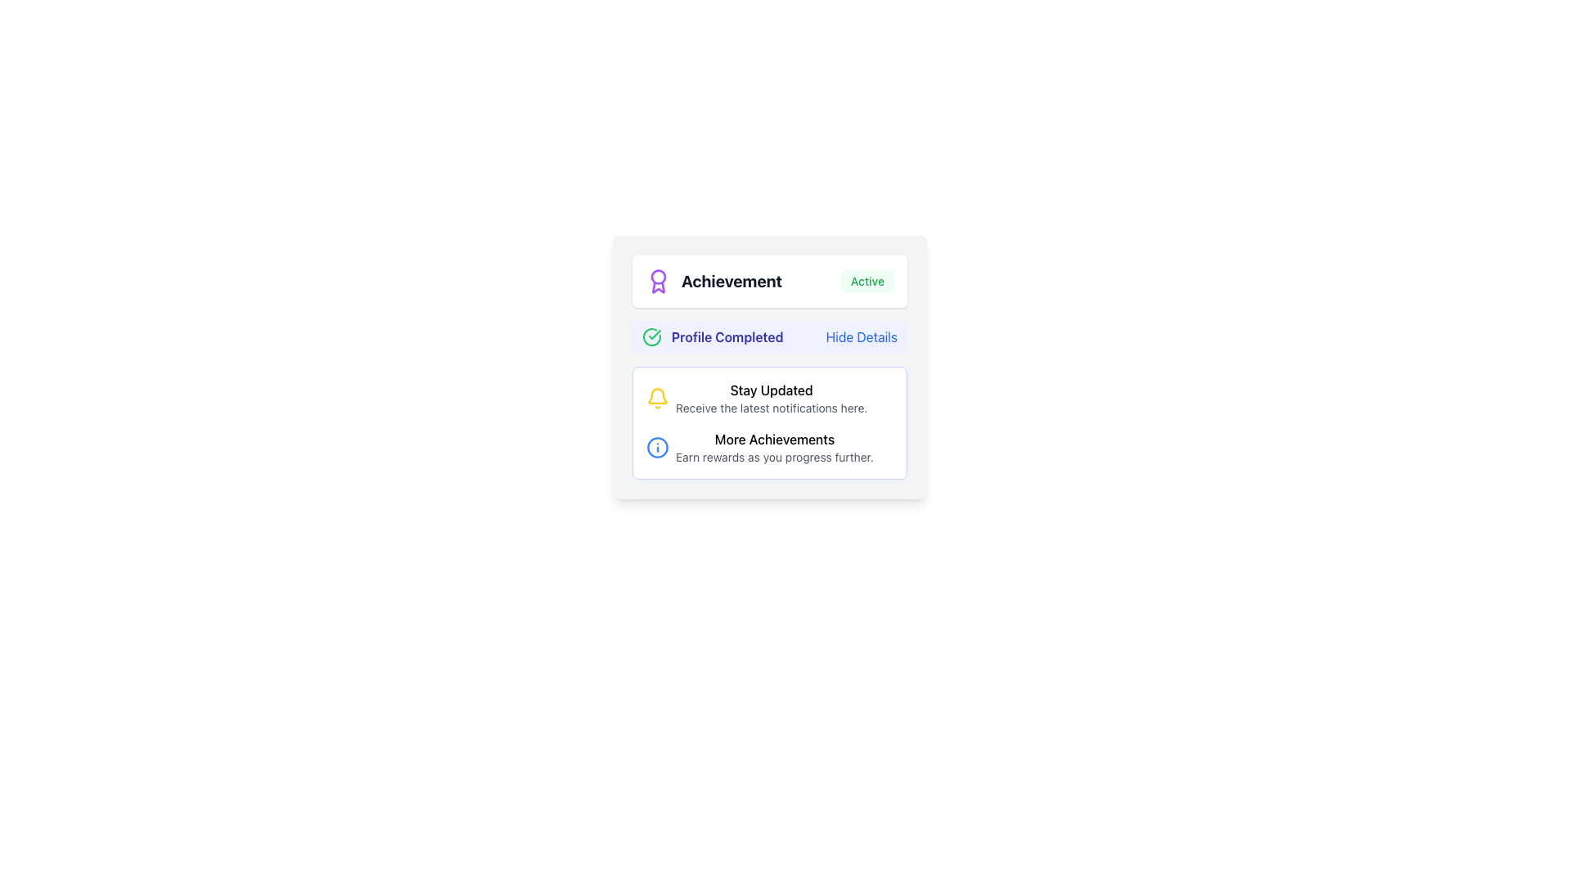 The width and height of the screenshot is (1571, 884). What do you see at coordinates (659, 276) in the screenshot?
I see `the circular icon outlined in purple with a white fill, located at the top-left corner of the card titled 'Achievement'` at bounding box center [659, 276].